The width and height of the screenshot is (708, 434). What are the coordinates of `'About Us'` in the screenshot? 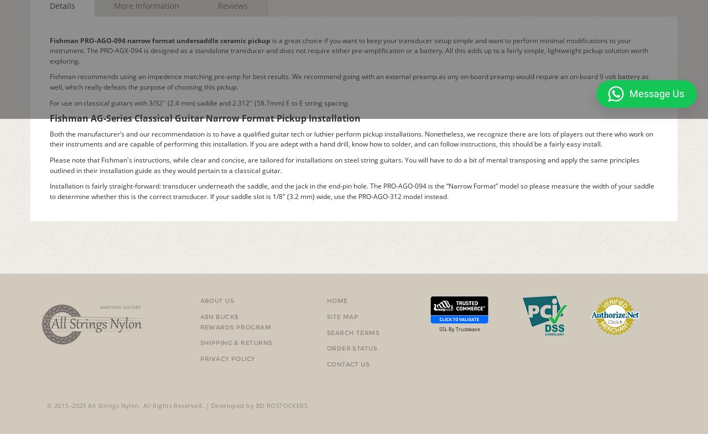 It's located at (217, 301).